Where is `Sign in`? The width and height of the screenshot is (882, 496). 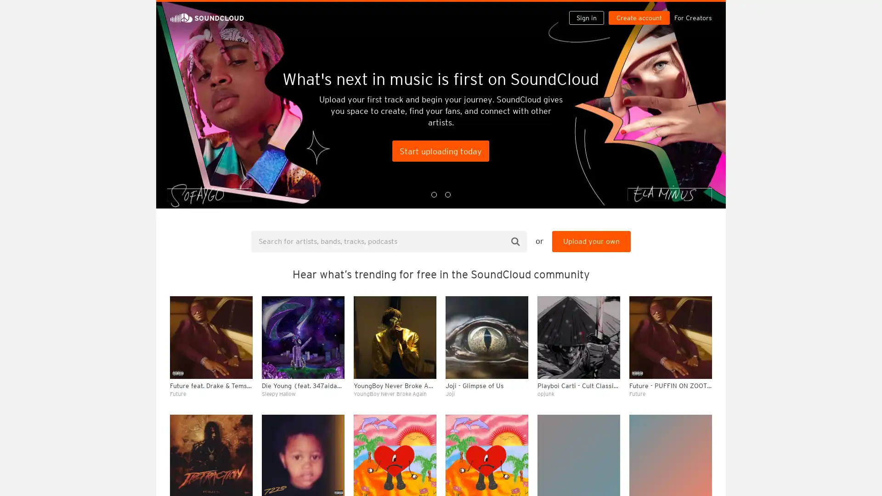
Sign in is located at coordinates (586, 17).